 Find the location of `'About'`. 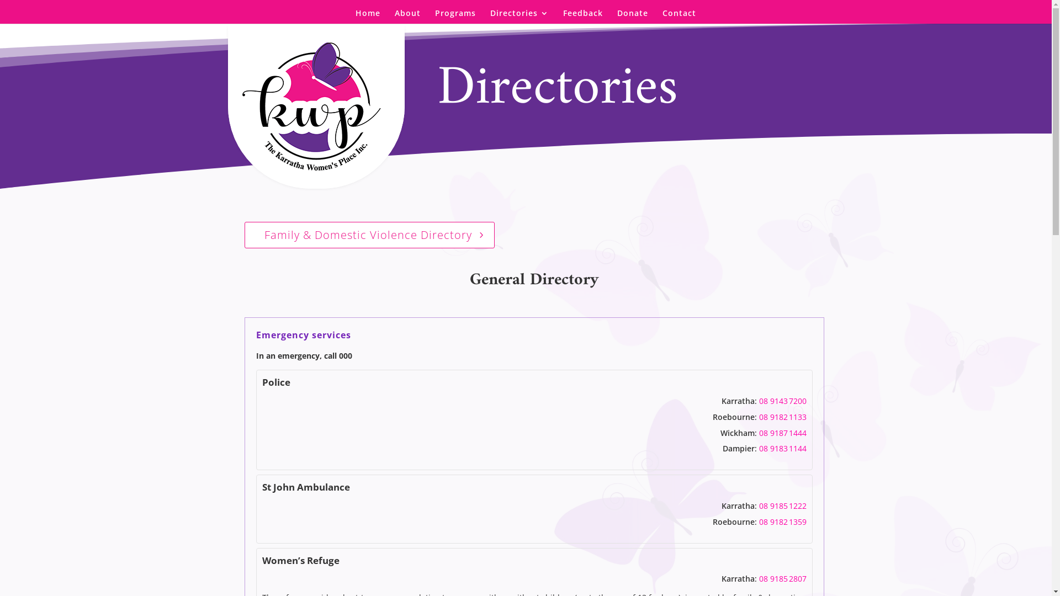

'About' is located at coordinates (395, 17).